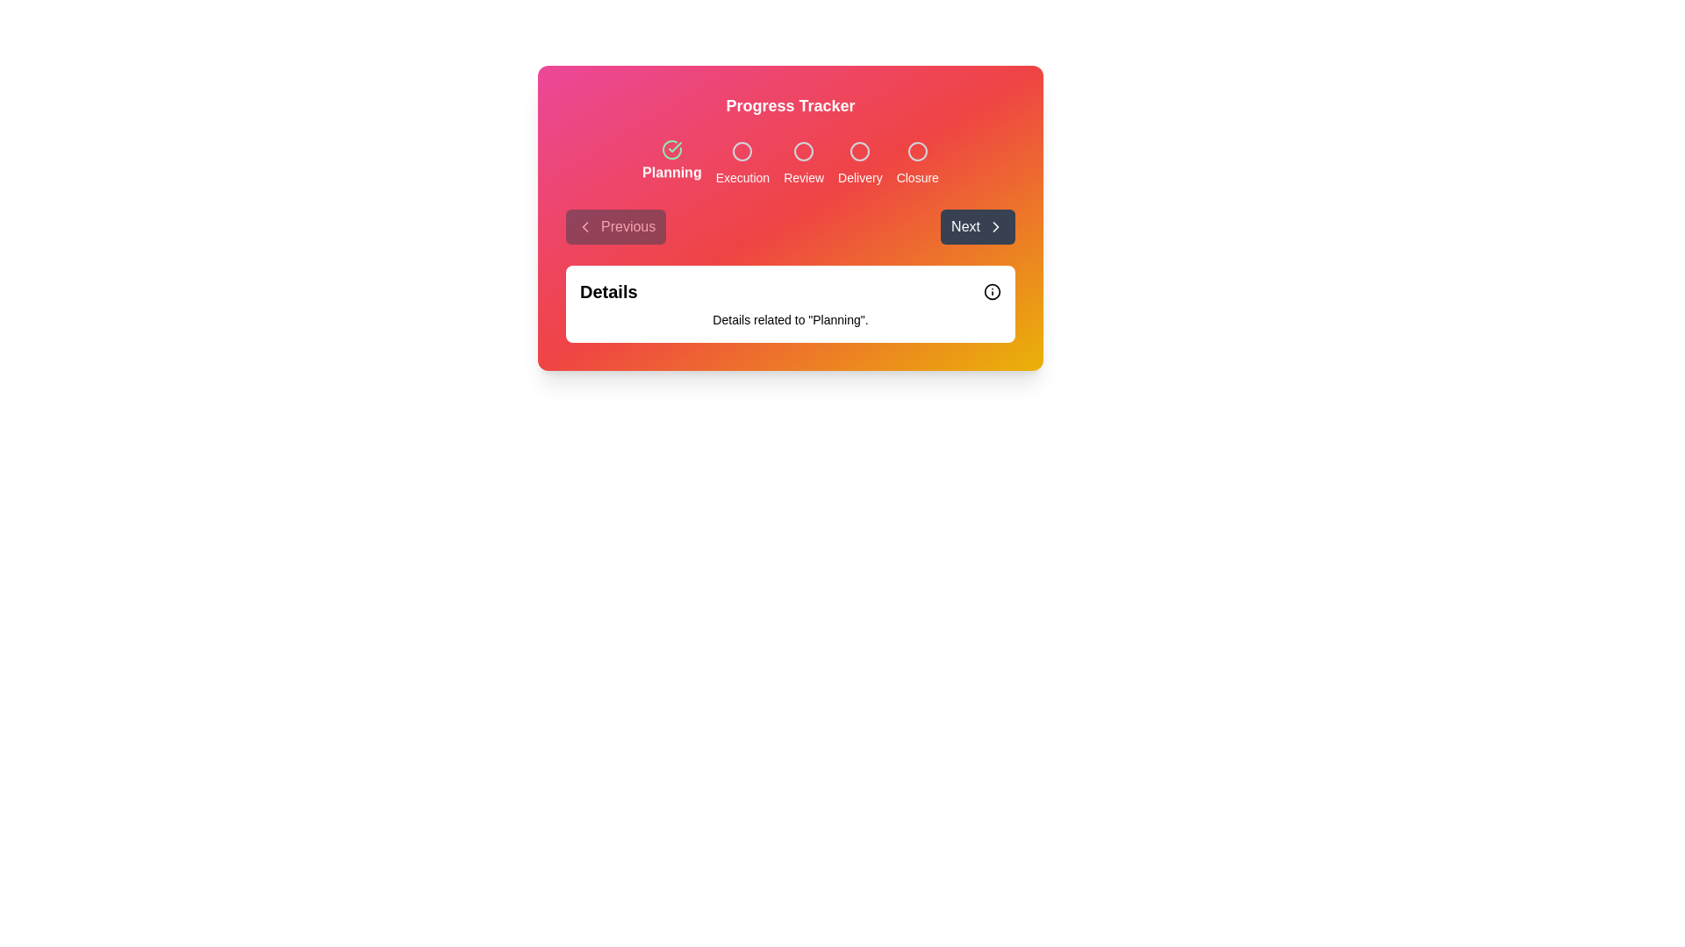 The image size is (1685, 947). I want to click on text from the second milestone status label in the progress tracker, which is positioned between 'Planning' and 'Review', so click(742, 178).